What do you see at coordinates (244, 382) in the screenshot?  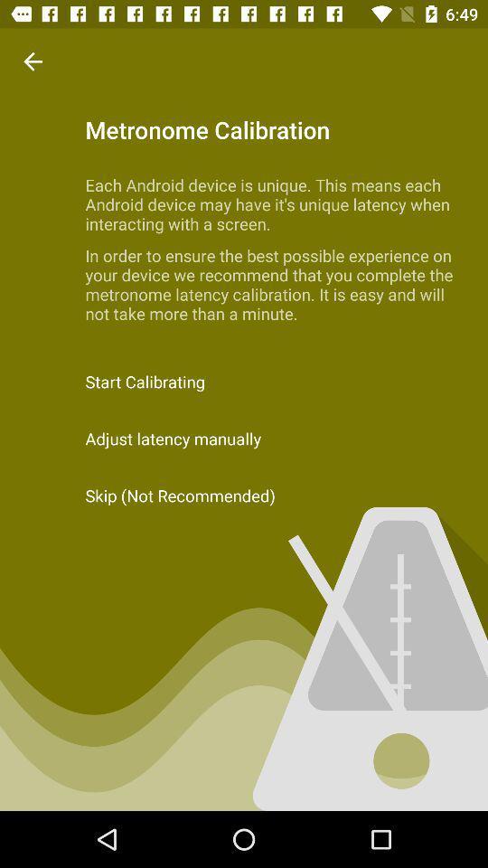 I see `the start calibrating item` at bounding box center [244, 382].